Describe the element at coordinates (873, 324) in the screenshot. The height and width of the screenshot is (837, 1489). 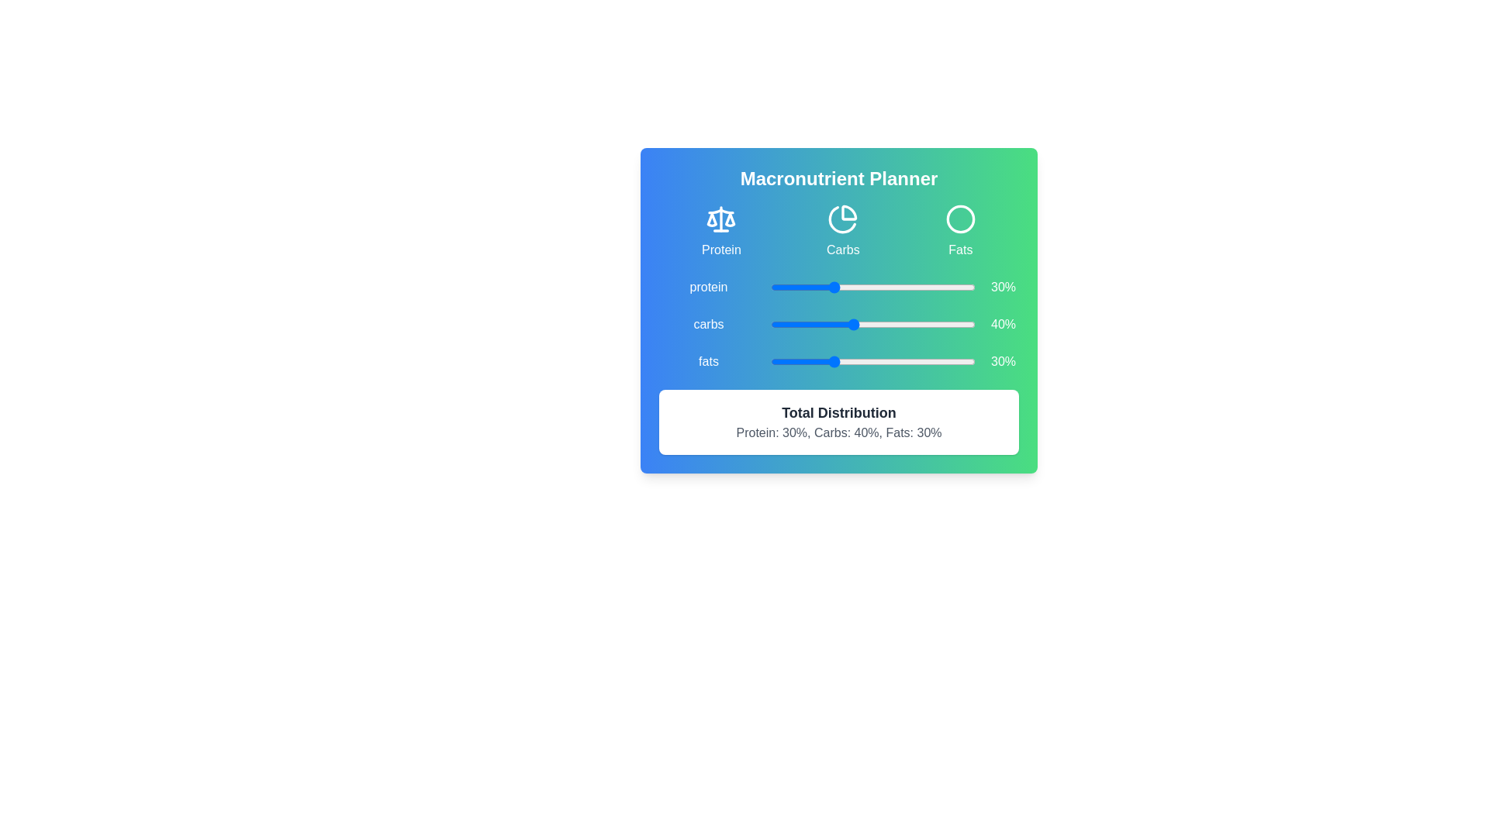
I see `the slider handle to adjust the carbohydrate percentage in the diet plan, which is displayed as '40%' to the right of the slider` at that location.